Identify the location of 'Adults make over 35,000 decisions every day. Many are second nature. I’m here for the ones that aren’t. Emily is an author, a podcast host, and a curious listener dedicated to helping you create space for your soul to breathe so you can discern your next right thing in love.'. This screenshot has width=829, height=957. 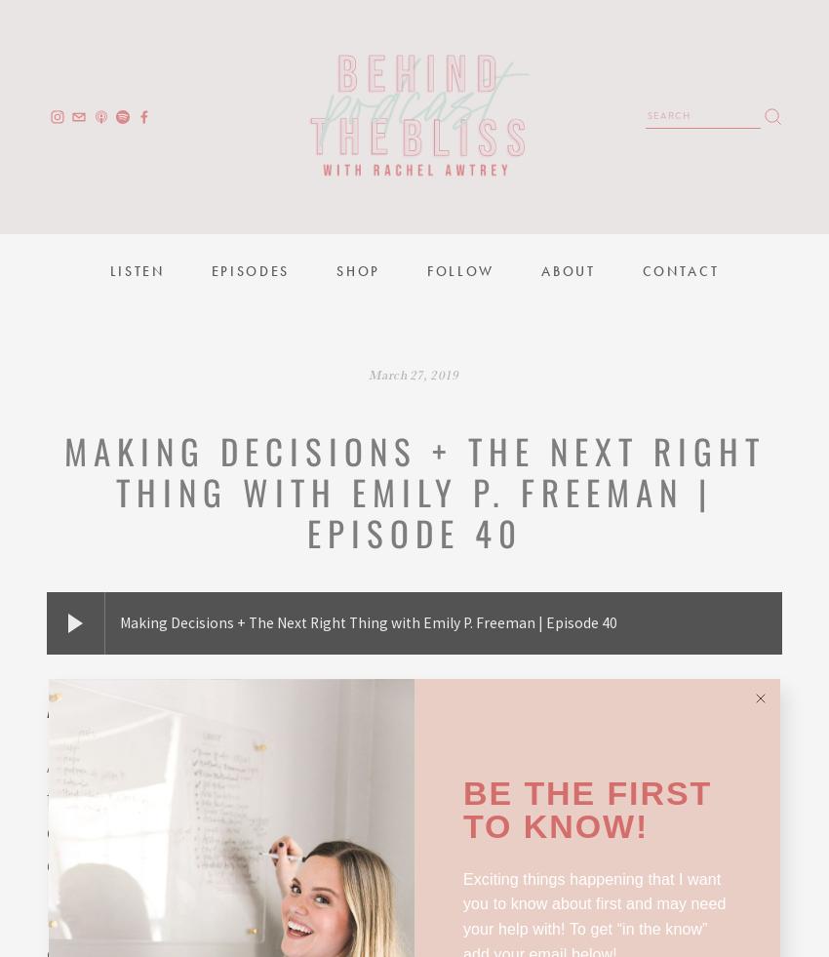
(413, 815).